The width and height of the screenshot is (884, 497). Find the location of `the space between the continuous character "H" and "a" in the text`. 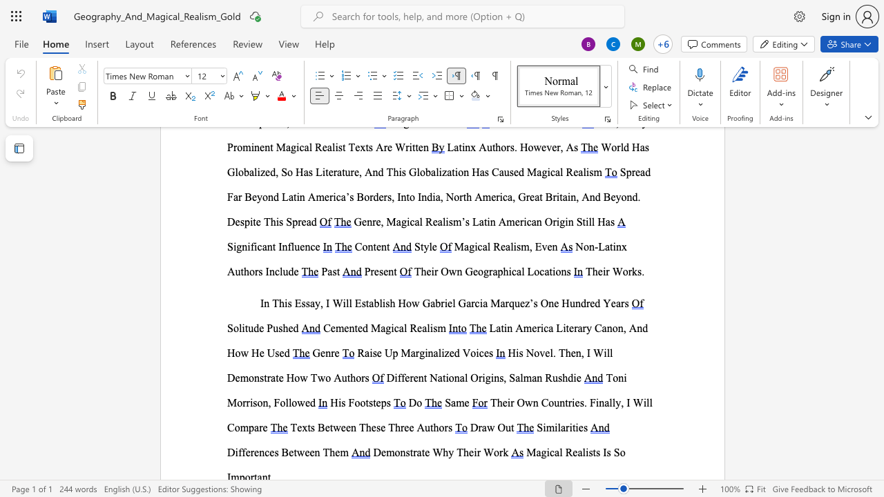

the space between the continuous character "H" and "a" in the text is located at coordinates (604, 221).